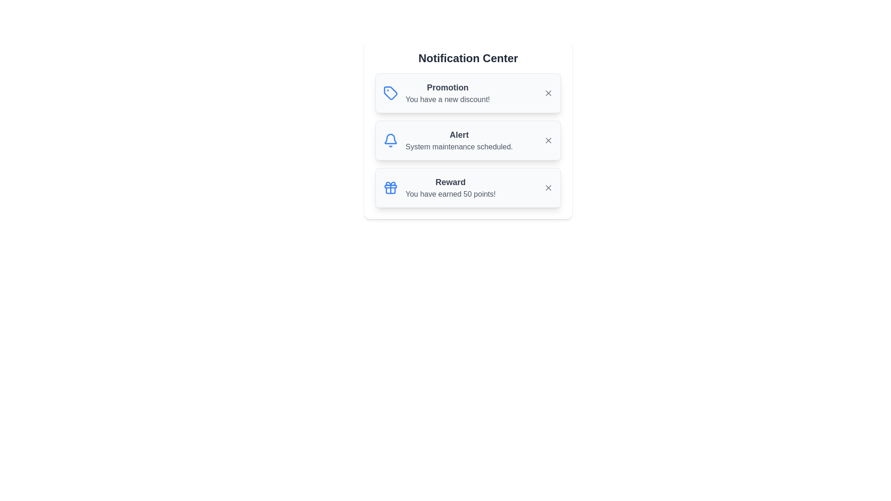  What do you see at coordinates (459, 141) in the screenshot?
I see `alert message from the Text component located in the middle notification card of the 'Notification Center', which notifies users about scheduled system maintenance` at bounding box center [459, 141].